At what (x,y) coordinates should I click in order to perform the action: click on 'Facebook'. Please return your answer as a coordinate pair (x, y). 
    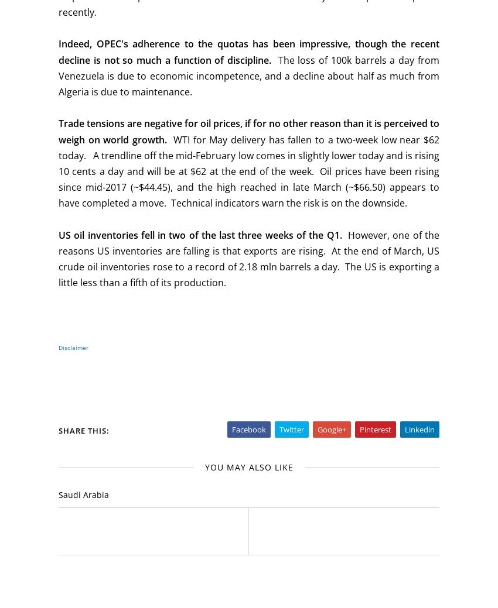
    Looking at the image, I should click on (249, 428).